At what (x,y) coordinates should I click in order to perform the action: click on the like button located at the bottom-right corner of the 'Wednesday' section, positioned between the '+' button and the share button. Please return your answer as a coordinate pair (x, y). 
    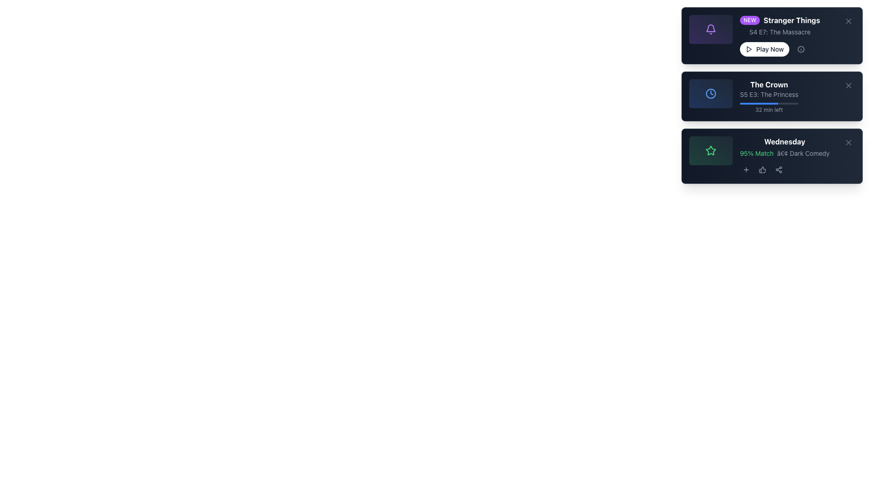
    Looking at the image, I should click on (762, 169).